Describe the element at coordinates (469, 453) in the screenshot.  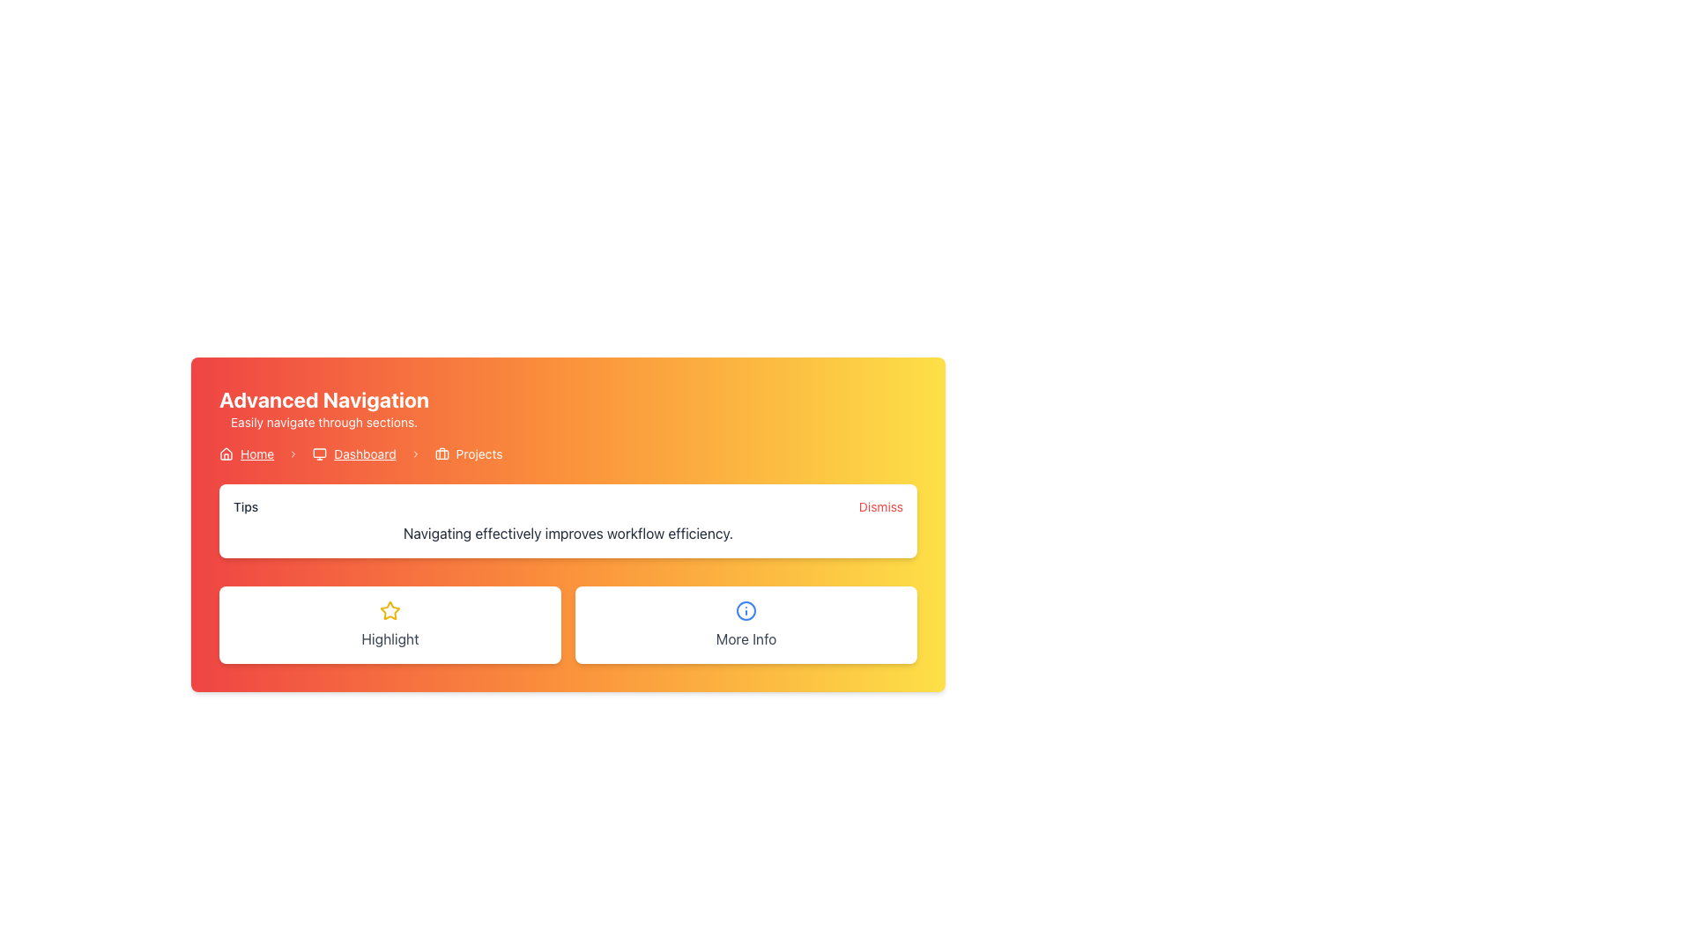
I see `the 'Projects' breadcrumb link, which is the third item in the breadcrumb navigation bar and is styled with a bold font and a briefcase icon` at that location.